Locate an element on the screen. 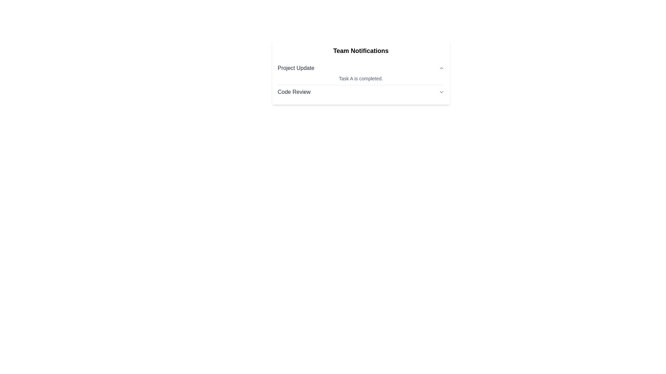  the 'Code Review' dropdown button in the 'Team Notifications' section is located at coordinates (361, 92).